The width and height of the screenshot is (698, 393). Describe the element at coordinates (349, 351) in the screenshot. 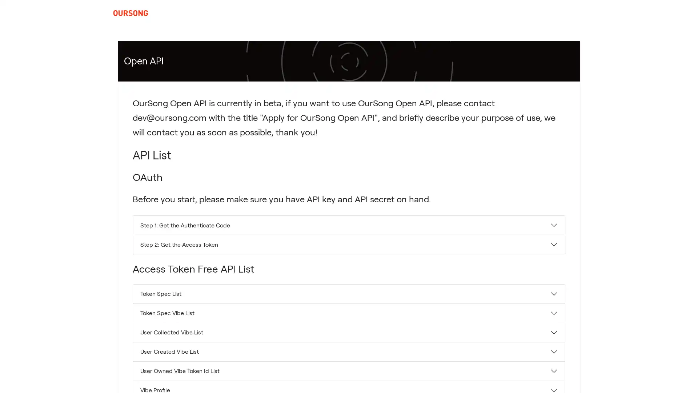

I see `User Created Vibe List` at that location.